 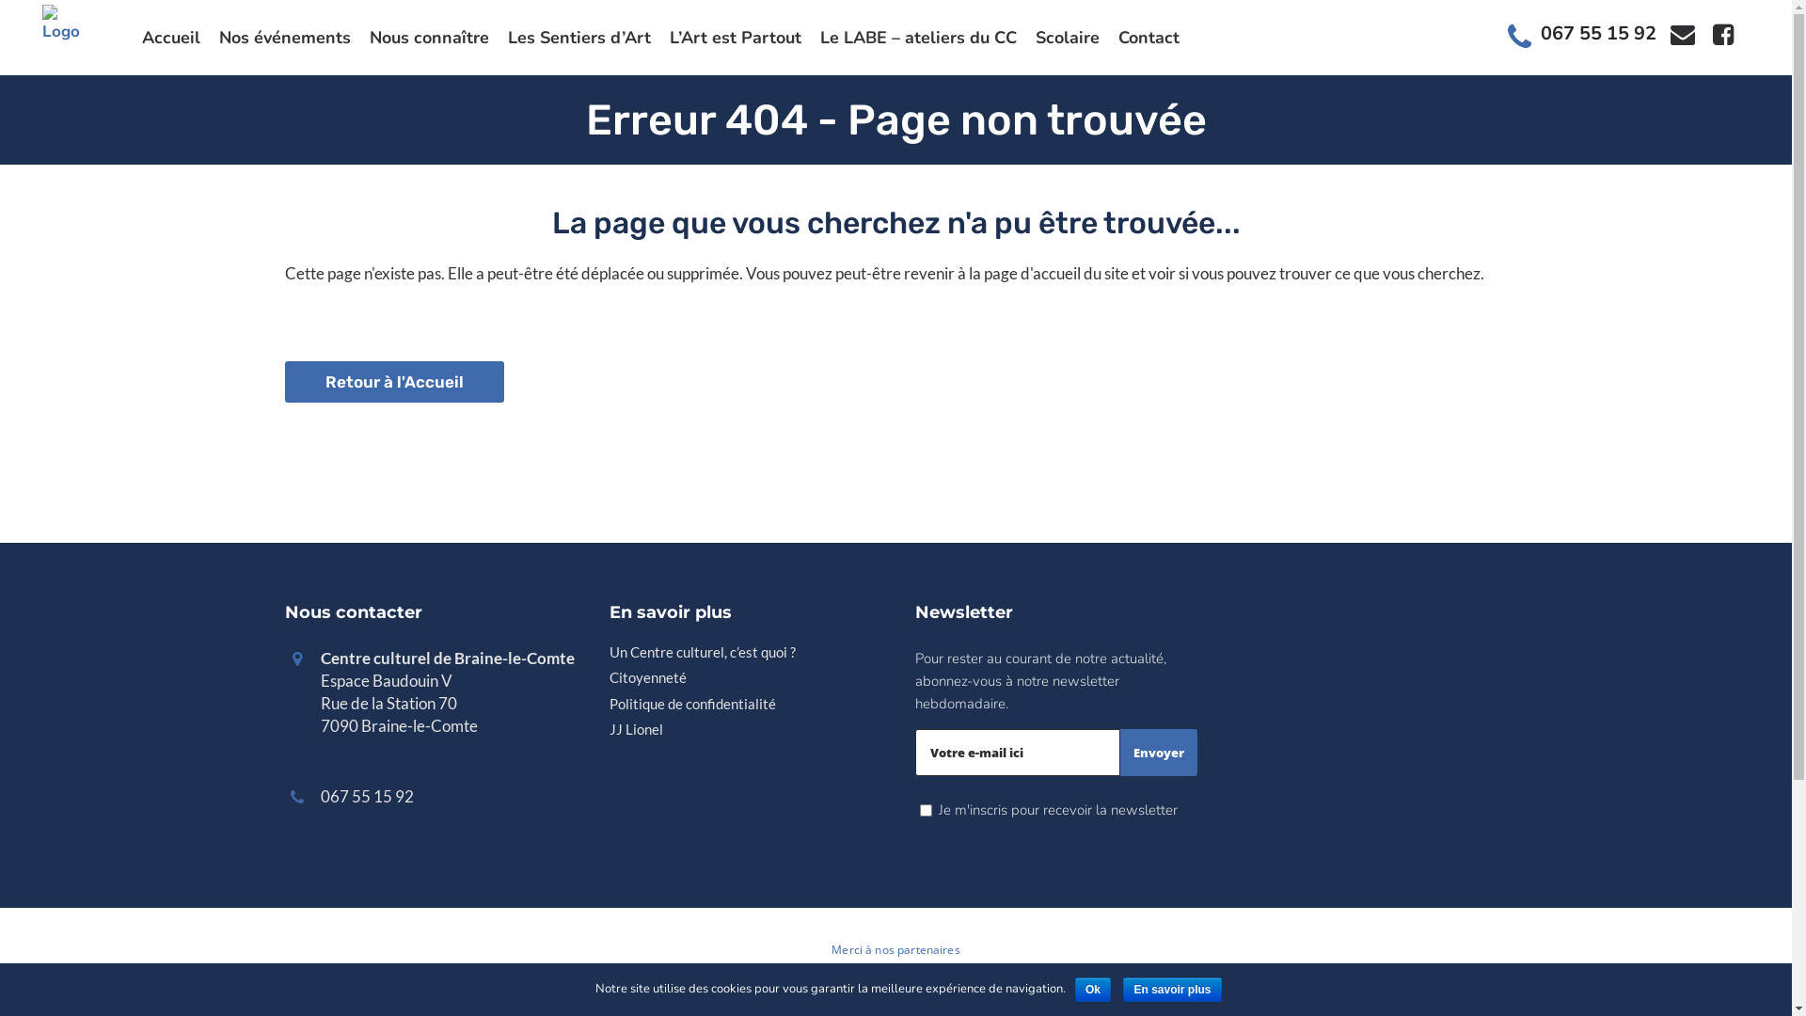 What do you see at coordinates (1148, 37) in the screenshot?
I see `'Contact'` at bounding box center [1148, 37].